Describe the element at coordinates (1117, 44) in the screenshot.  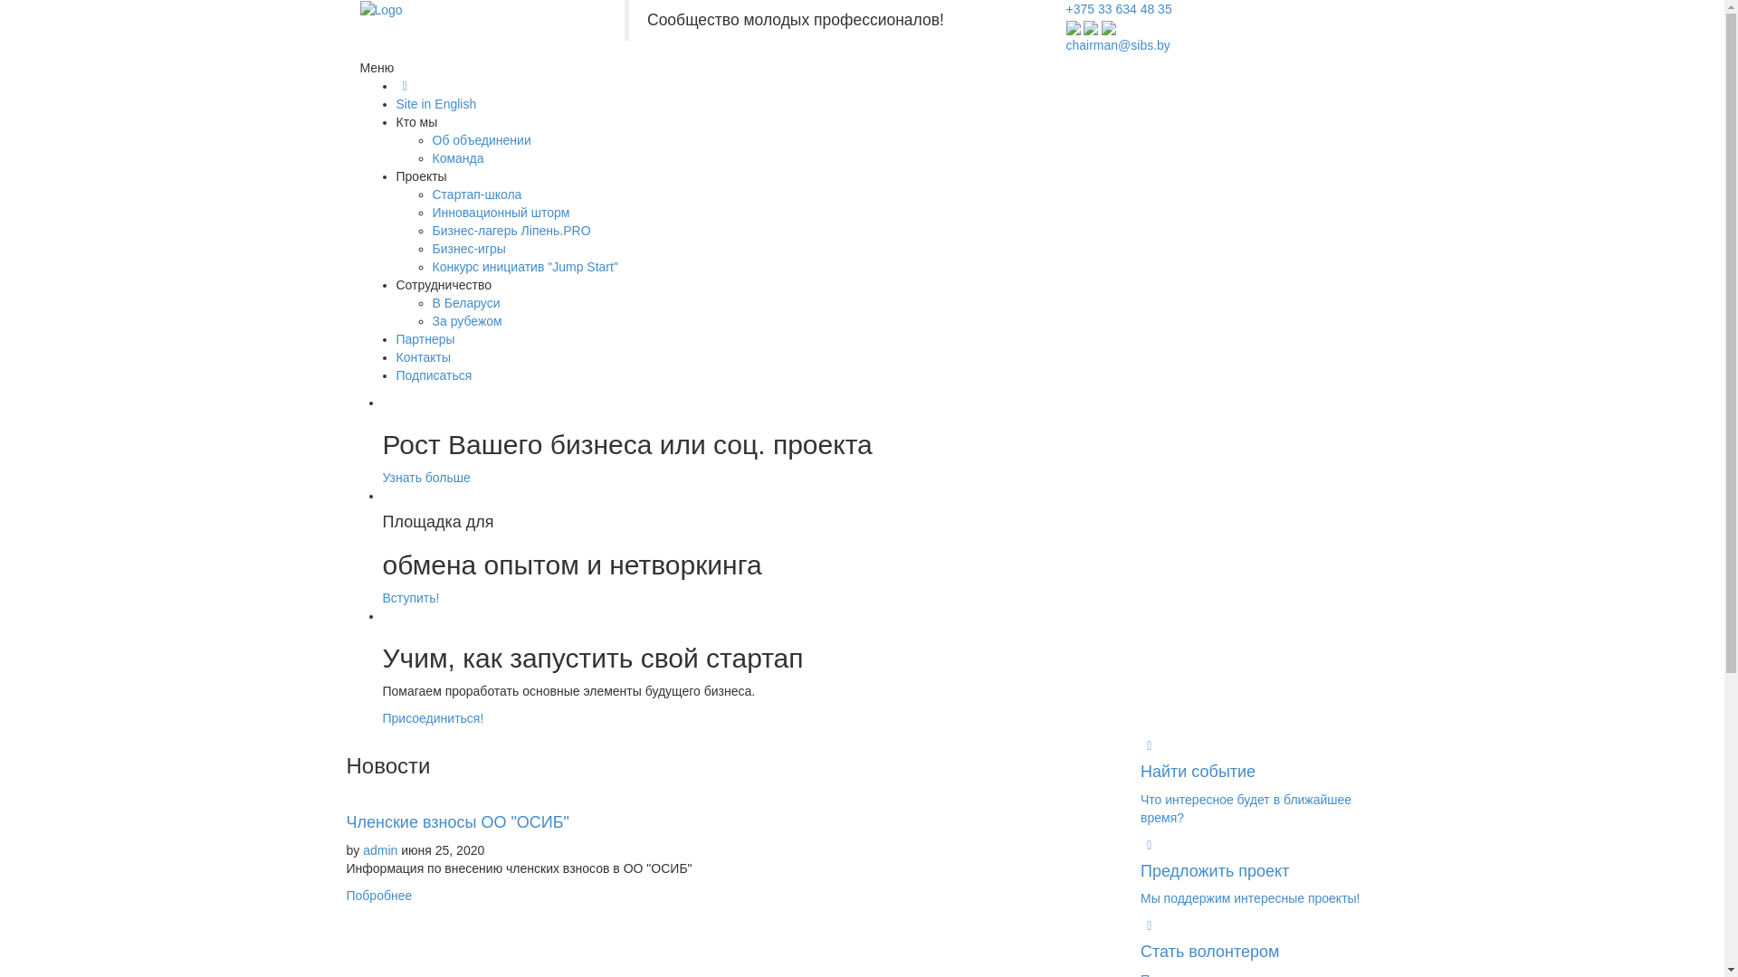
I see `'chairman@sibs.by'` at that location.